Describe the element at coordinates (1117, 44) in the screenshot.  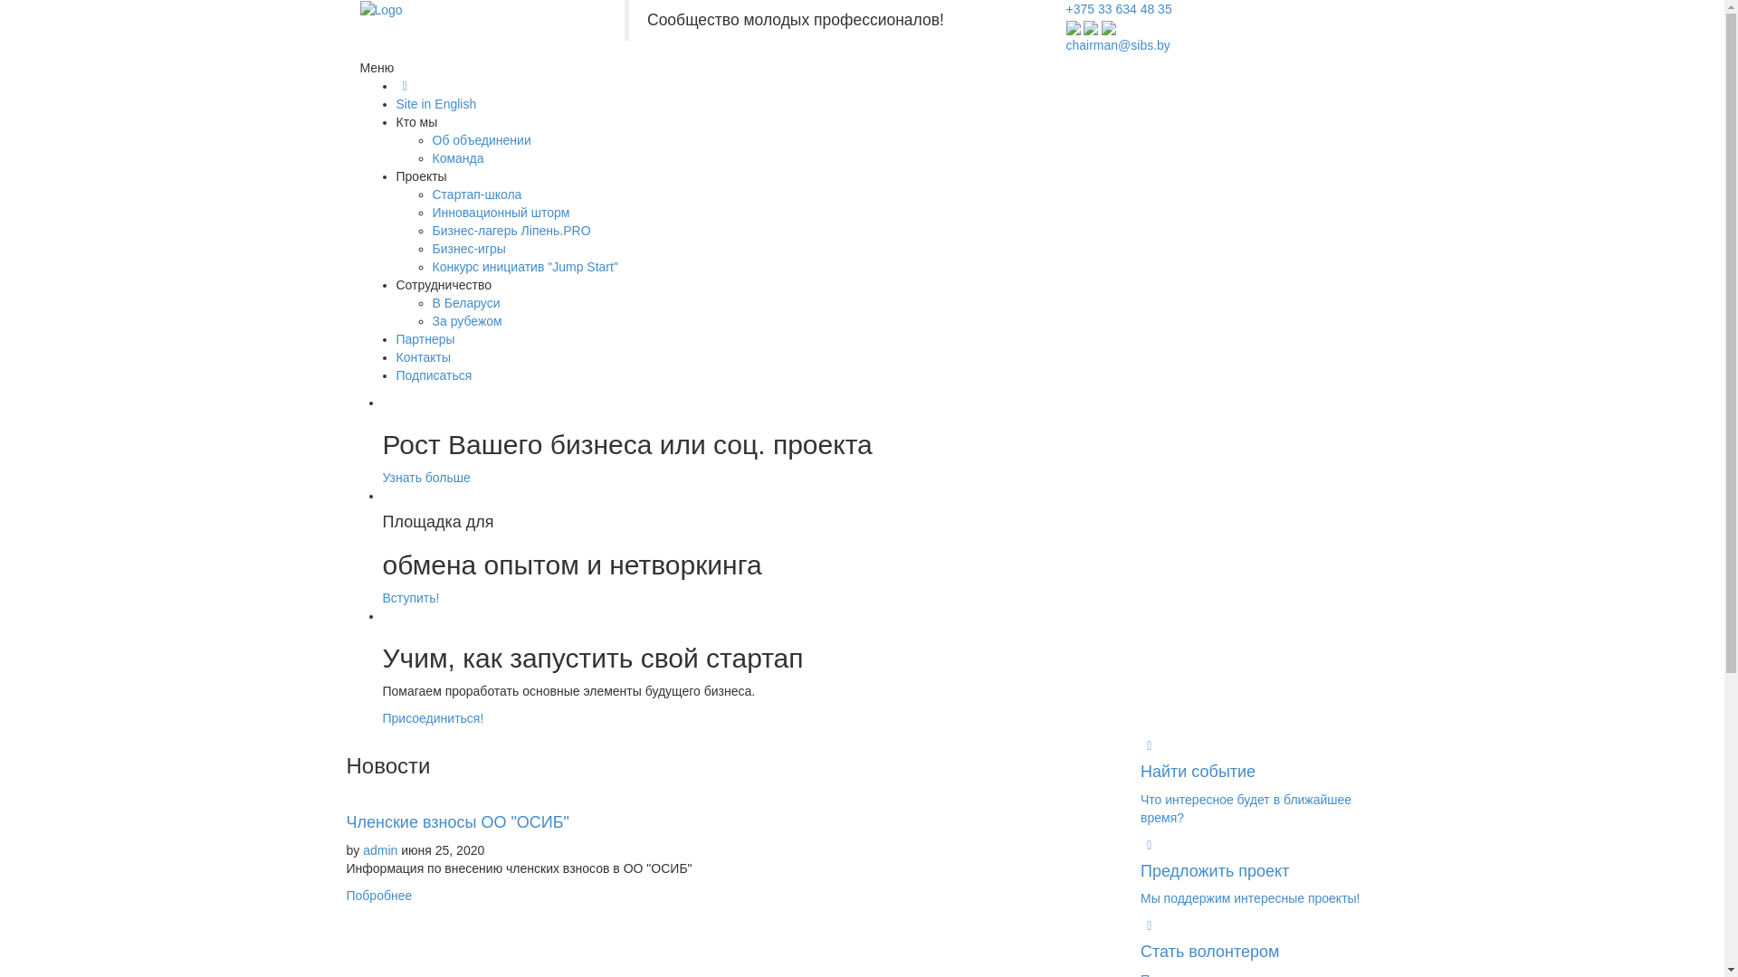
I see `'chairman@sibs.by'` at that location.